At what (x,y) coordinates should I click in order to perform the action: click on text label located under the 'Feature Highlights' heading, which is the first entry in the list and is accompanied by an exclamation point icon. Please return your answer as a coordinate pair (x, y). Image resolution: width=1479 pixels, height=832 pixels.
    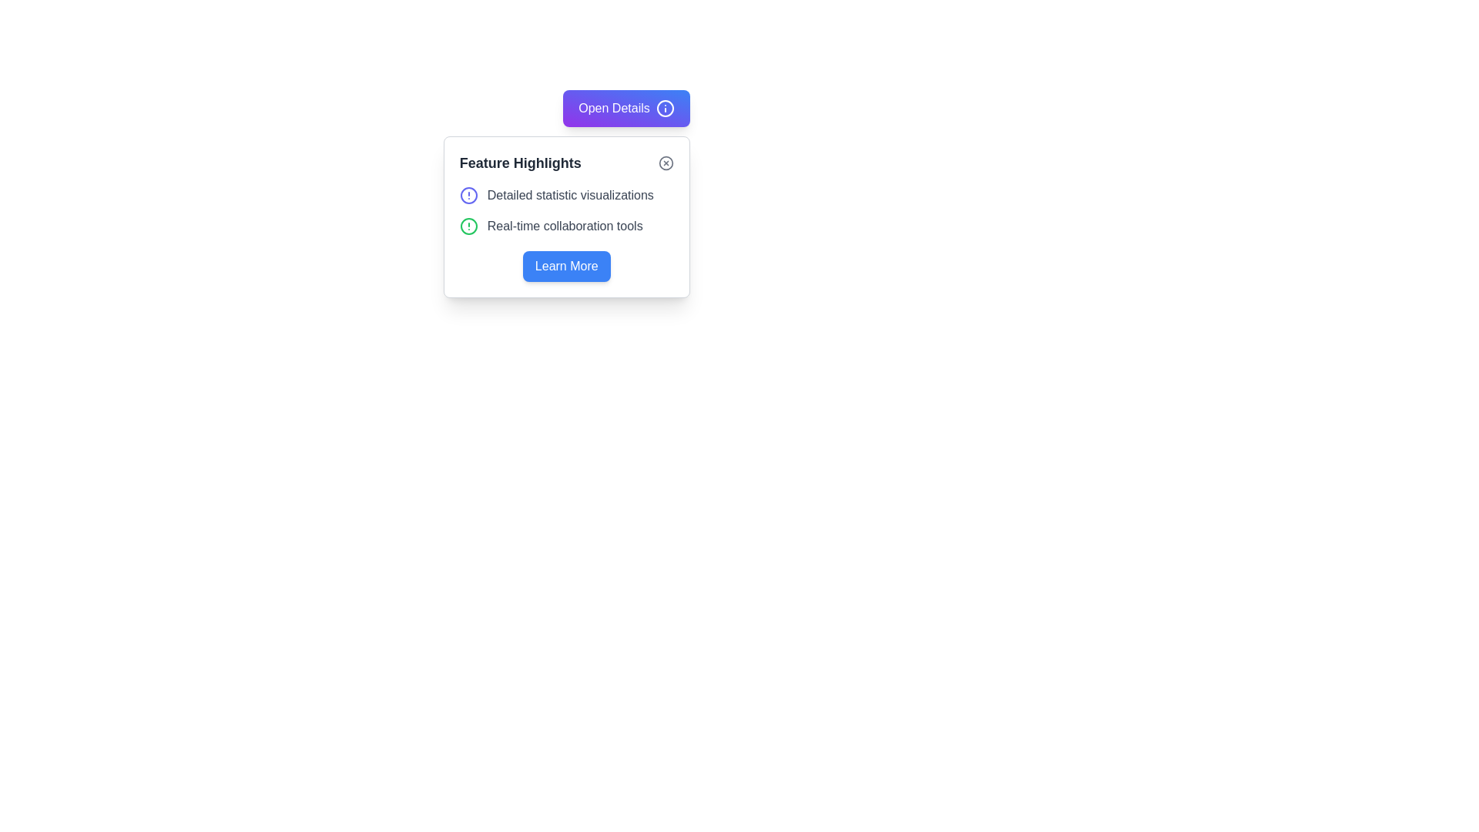
    Looking at the image, I should click on (569, 195).